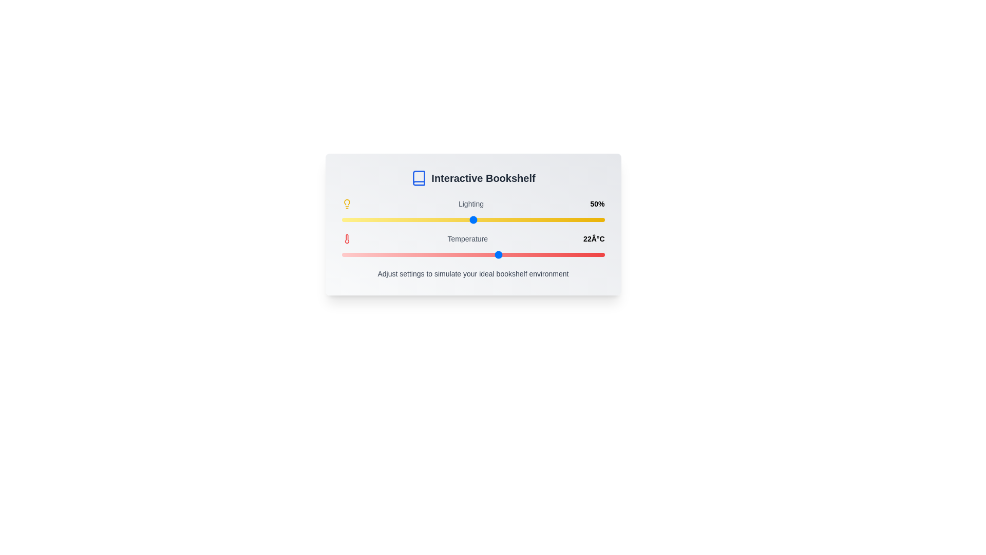 The width and height of the screenshot is (986, 555). I want to click on the temperature slider to 12°C, so click(368, 254).